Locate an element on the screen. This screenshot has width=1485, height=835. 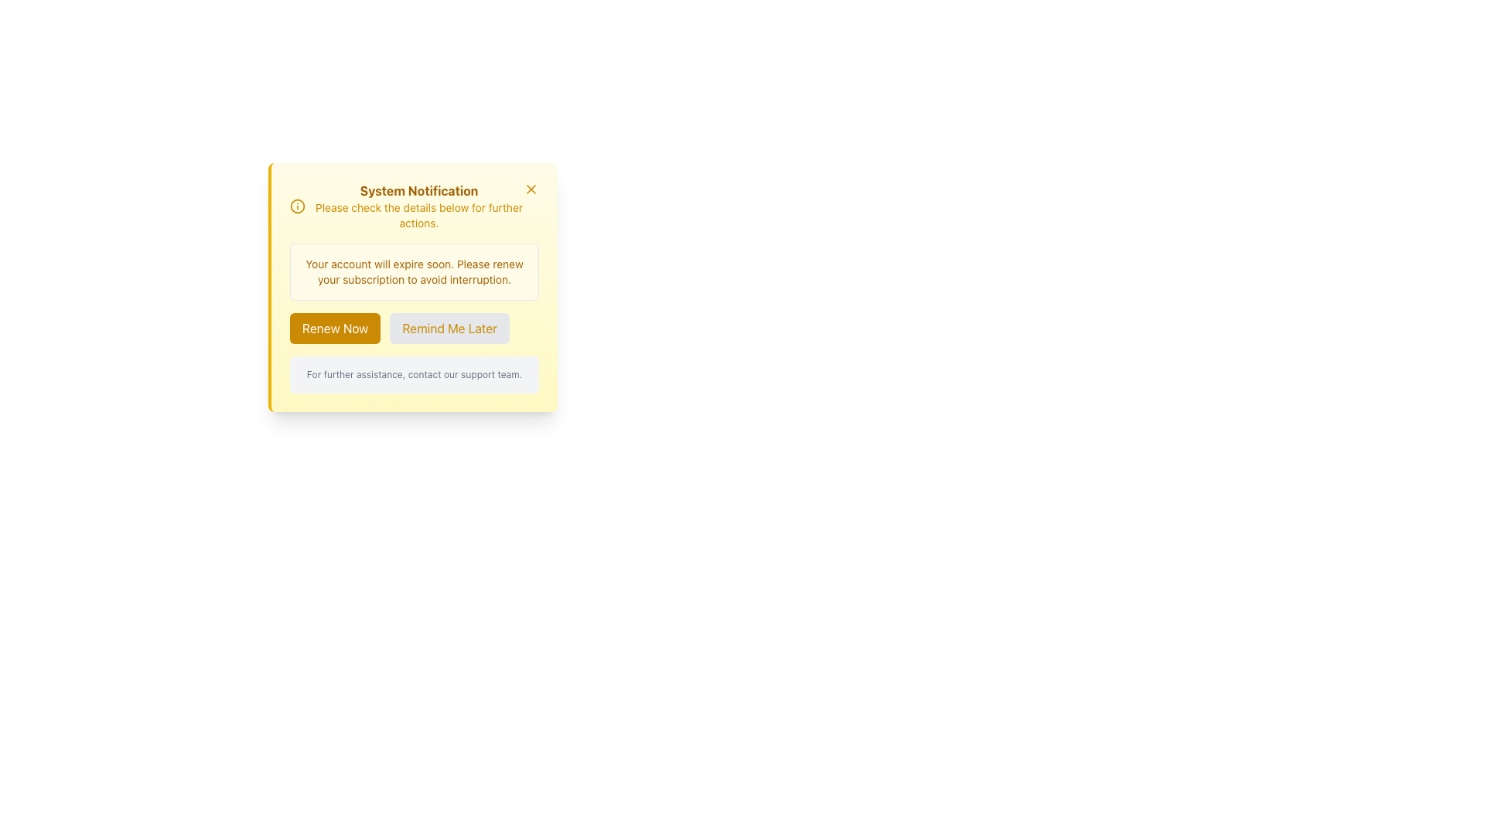
the Text Display Area that notifies the user about their account's expiration, located centrally within the notification panel below the header 'System Notification' is located at coordinates (415, 271).